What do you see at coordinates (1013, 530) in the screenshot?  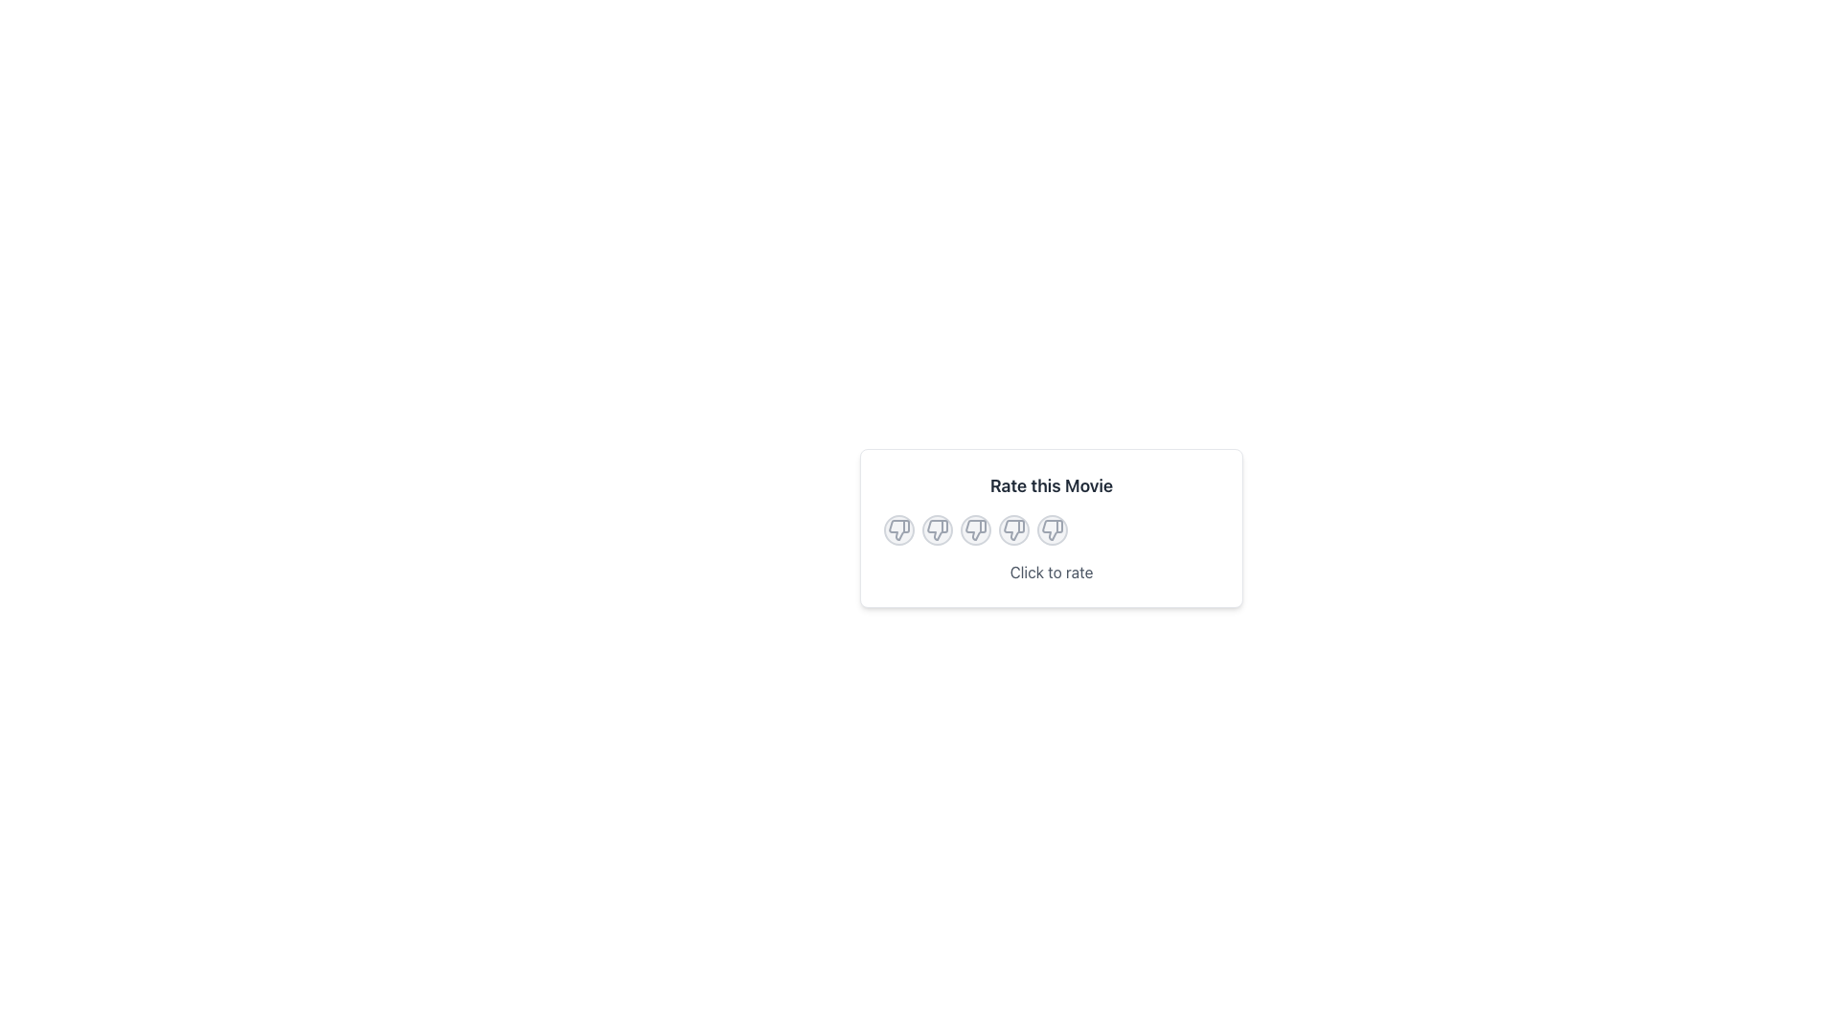 I see `the fourth thumb-down icon for negative rating under the 'Rate this Movie' header` at bounding box center [1013, 530].